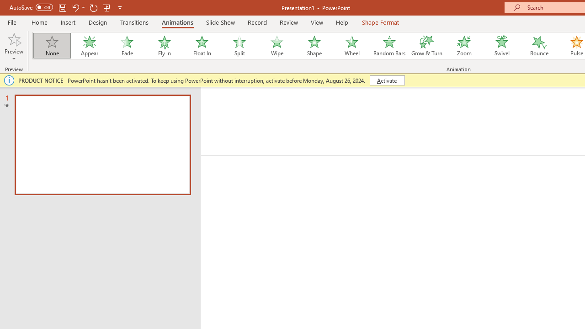 The image size is (585, 329). I want to click on 'Fade', so click(126, 46).